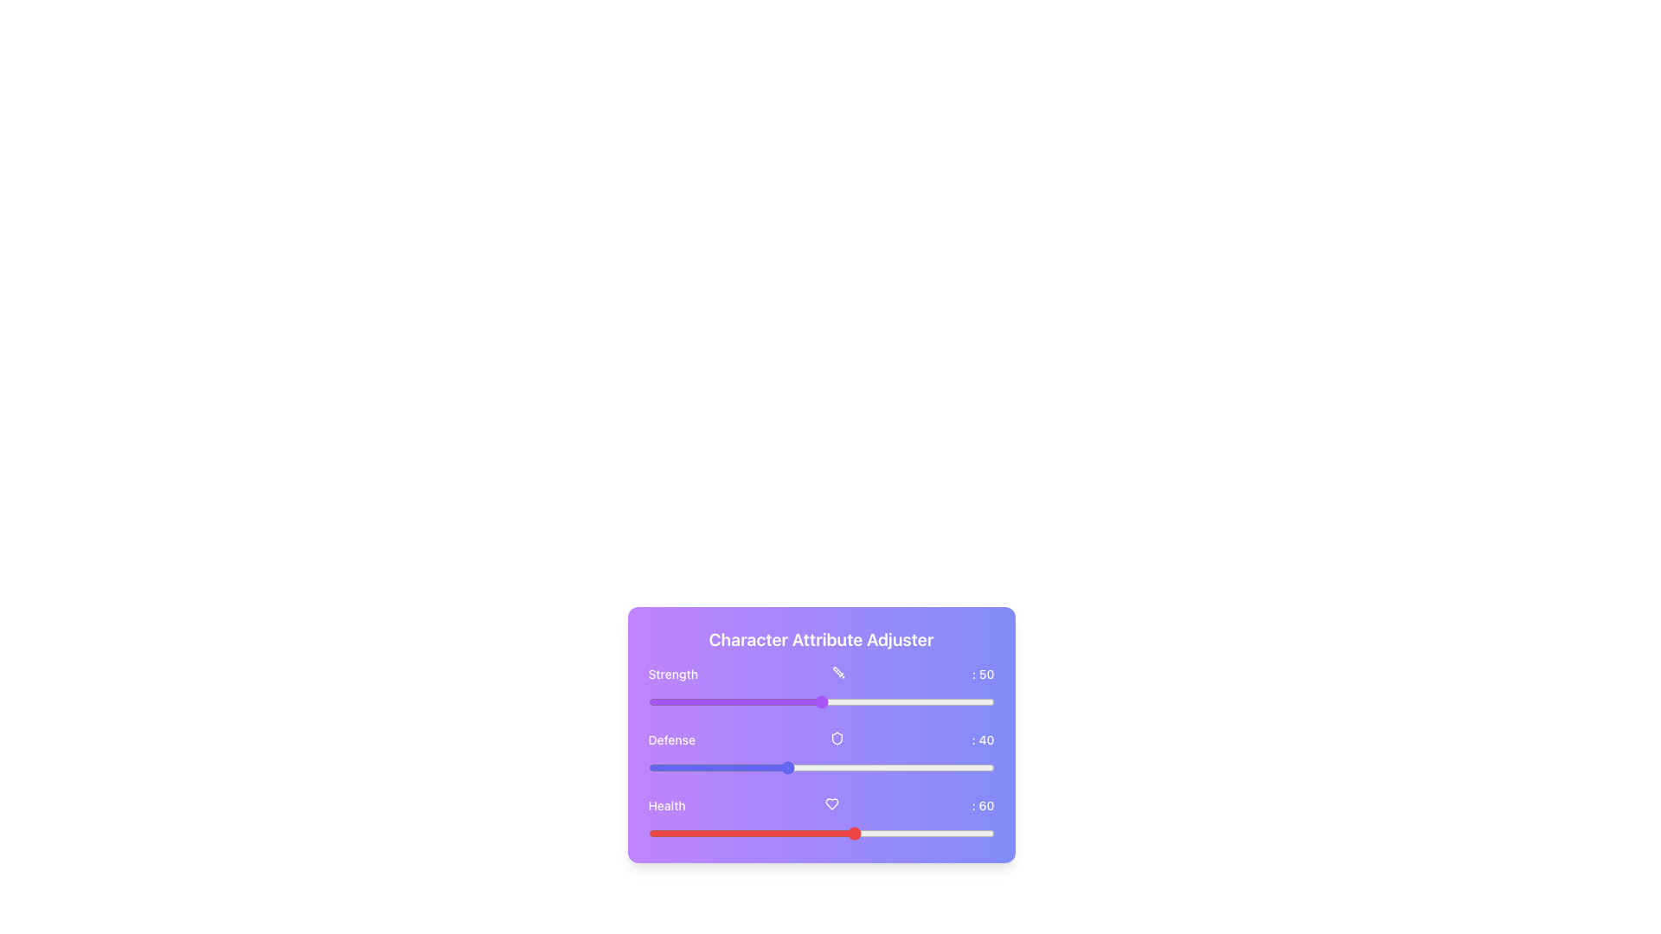 This screenshot has width=1661, height=934. I want to click on the defense level, so click(880, 766).